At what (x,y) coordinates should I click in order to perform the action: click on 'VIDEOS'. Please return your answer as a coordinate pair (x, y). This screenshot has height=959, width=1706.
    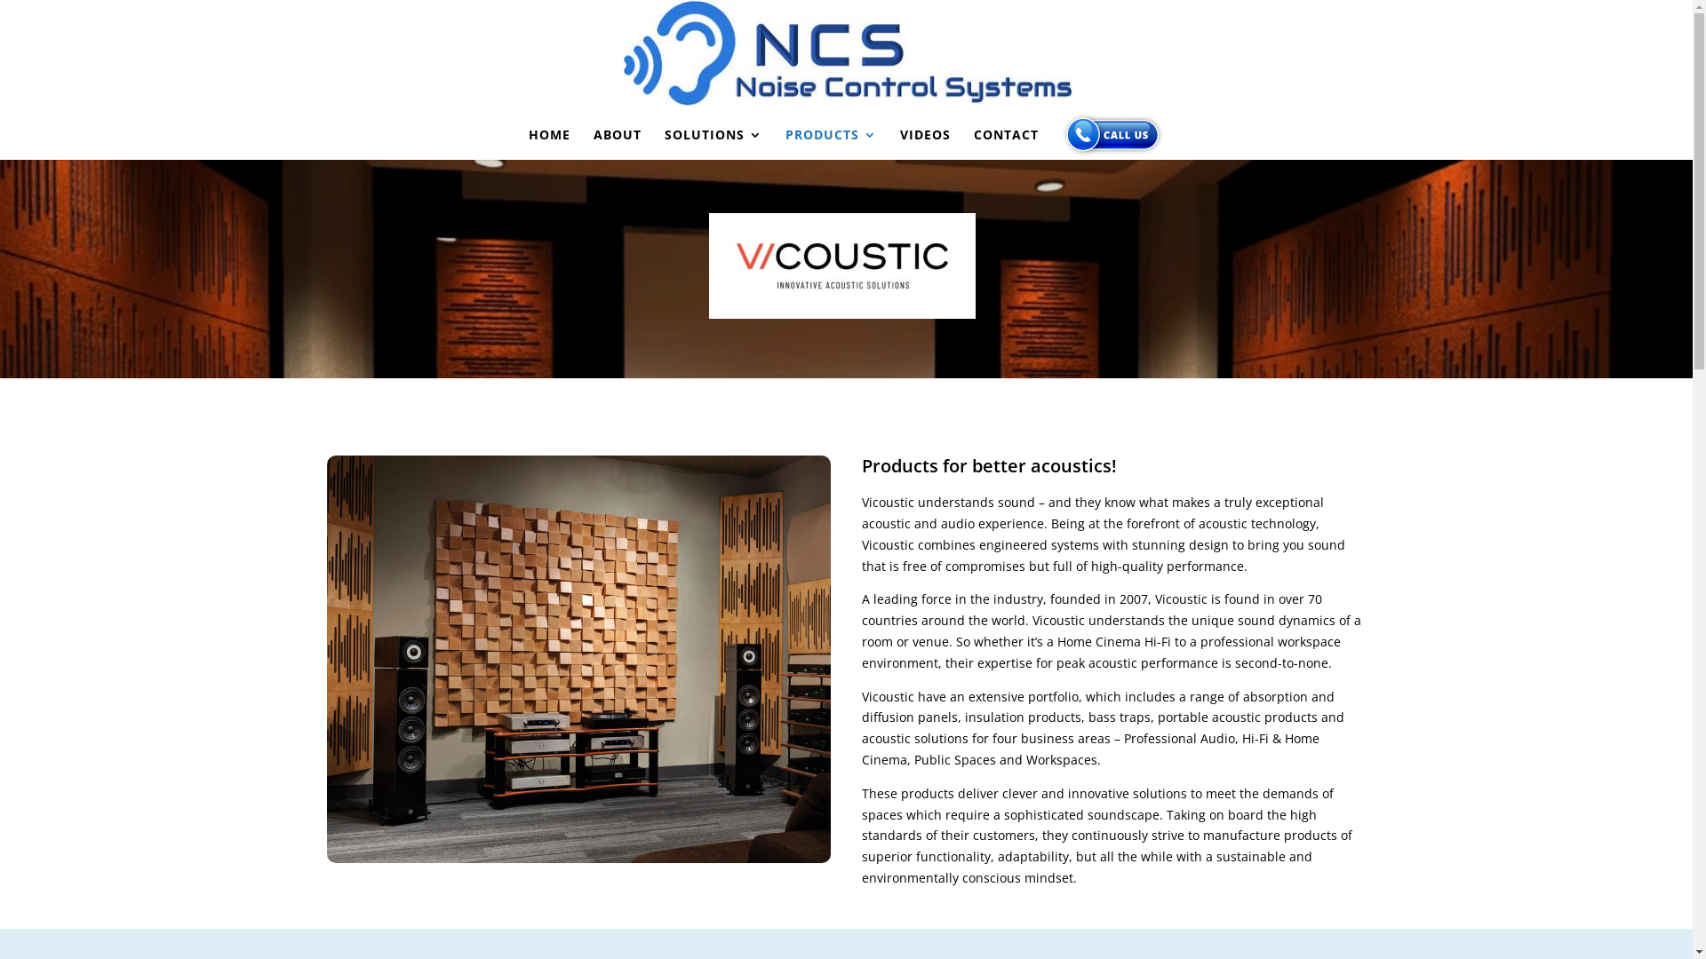
    Looking at the image, I should click on (899, 143).